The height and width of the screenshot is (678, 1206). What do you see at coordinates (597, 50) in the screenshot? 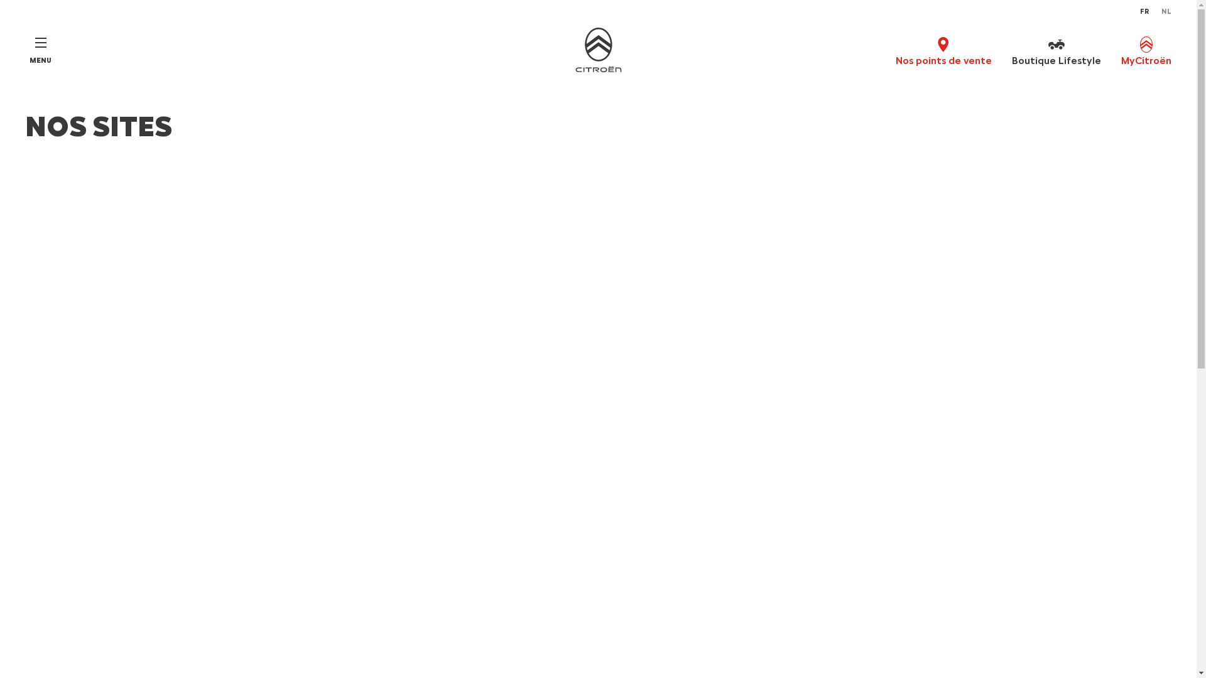
I see `'Home'` at bounding box center [597, 50].